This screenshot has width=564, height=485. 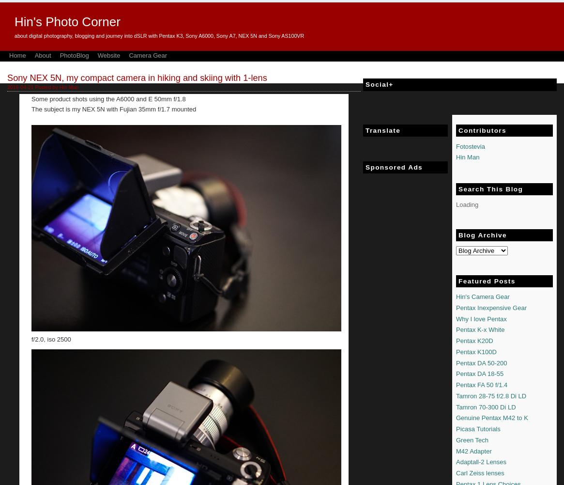 What do you see at coordinates (21, 86) in the screenshot?
I see `'2016-04-21'` at bounding box center [21, 86].